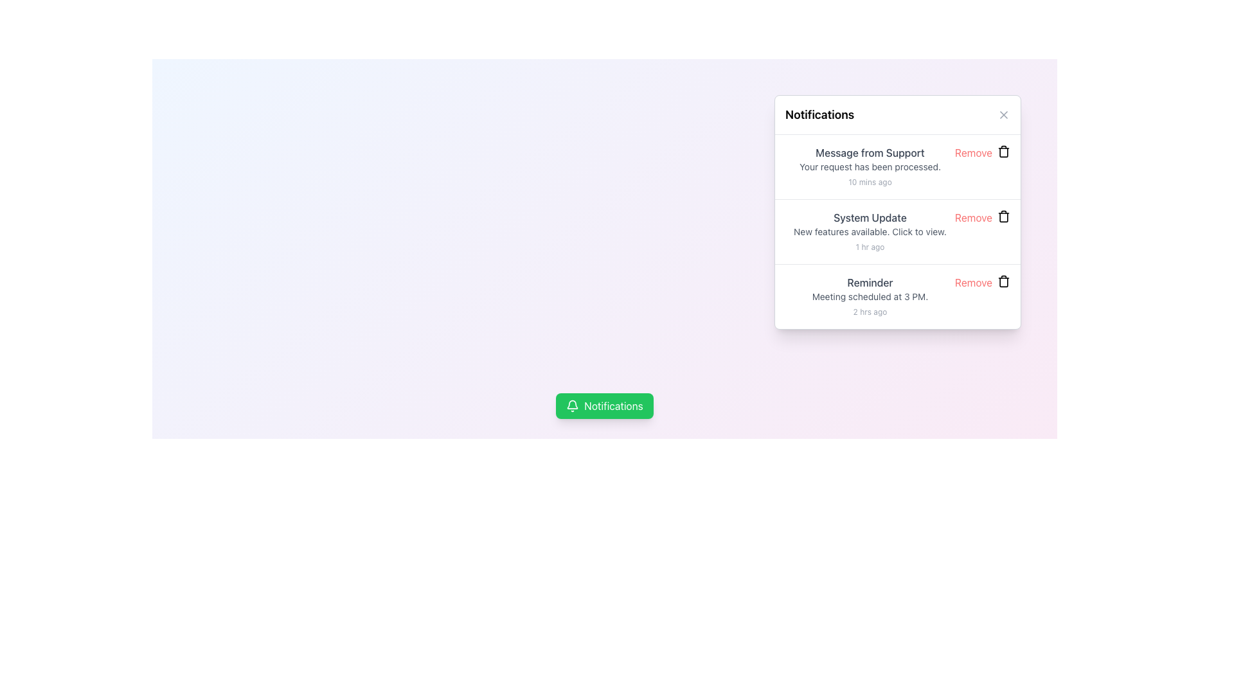 This screenshot has width=1234, height=694. What do you see at coordinates (974, 217) in the screenshot?
I see `the 'Remove' button, which is a red text label located in the notification UI card under the 'System Update' headline` at bounding box center [974, 217].